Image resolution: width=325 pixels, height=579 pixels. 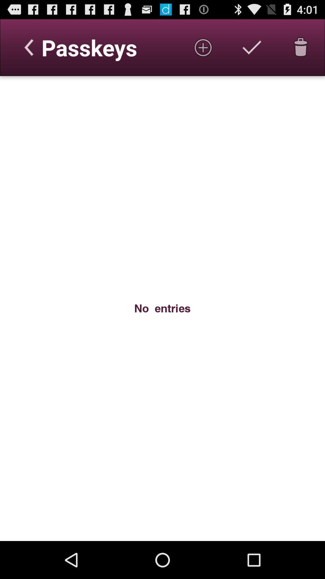 I want to click on or accepted, so click(x=252, y=47).